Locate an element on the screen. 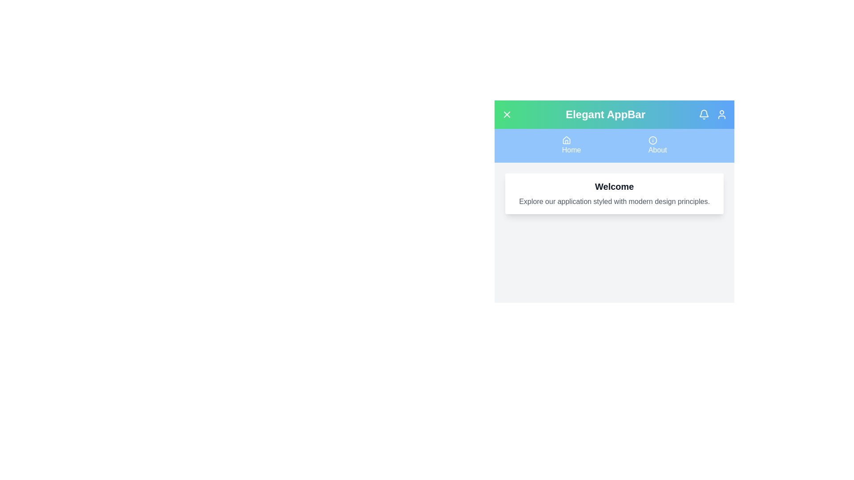 This screenshot has height=480, width=854. the descriptive text below 'Welcome' to focus on it is located at coordinates (614, 202).